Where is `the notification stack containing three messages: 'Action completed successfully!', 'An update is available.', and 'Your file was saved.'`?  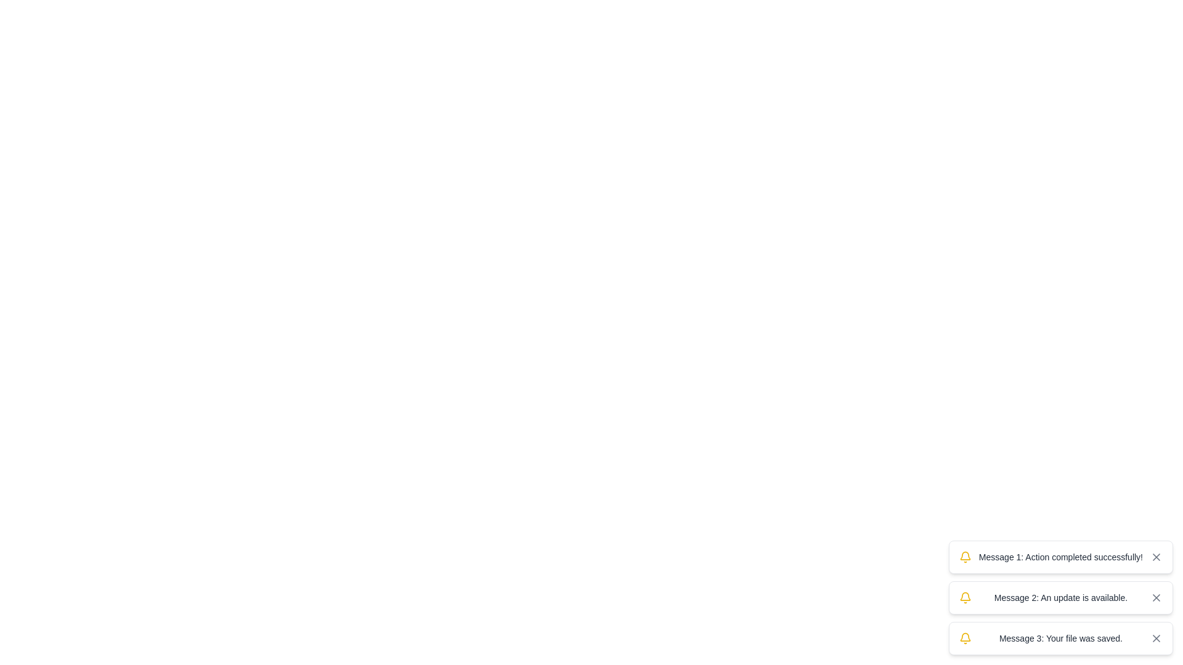
the notification stack containing three messages: 'Action completed successfully!', 'An update is available.', and 'Your file was saved.' is located at coordinates (1060, 597).